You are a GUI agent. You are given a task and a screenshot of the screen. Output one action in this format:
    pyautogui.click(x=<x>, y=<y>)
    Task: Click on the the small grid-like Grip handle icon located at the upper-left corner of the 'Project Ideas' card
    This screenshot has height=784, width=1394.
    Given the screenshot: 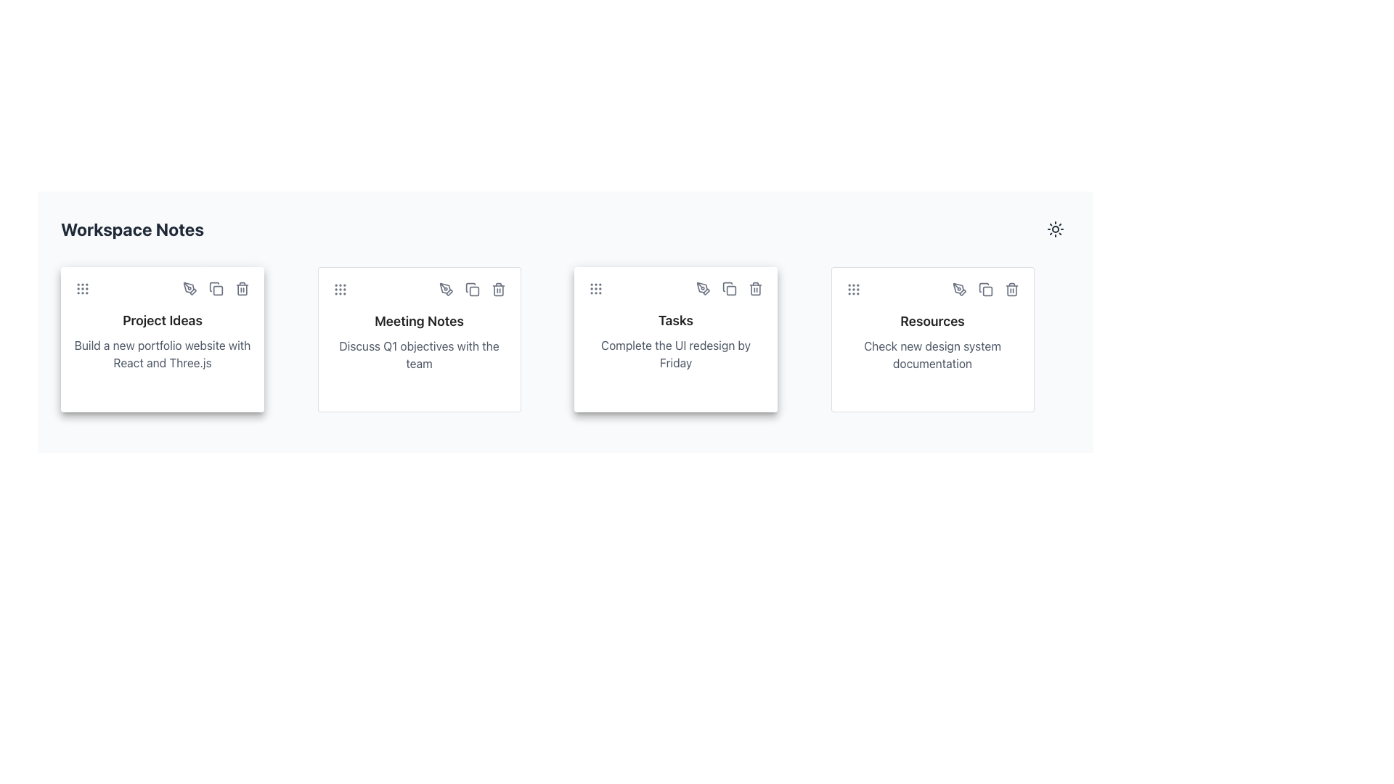 What is the action you would take?
    pyautogui.click(x=82, y=288)
    